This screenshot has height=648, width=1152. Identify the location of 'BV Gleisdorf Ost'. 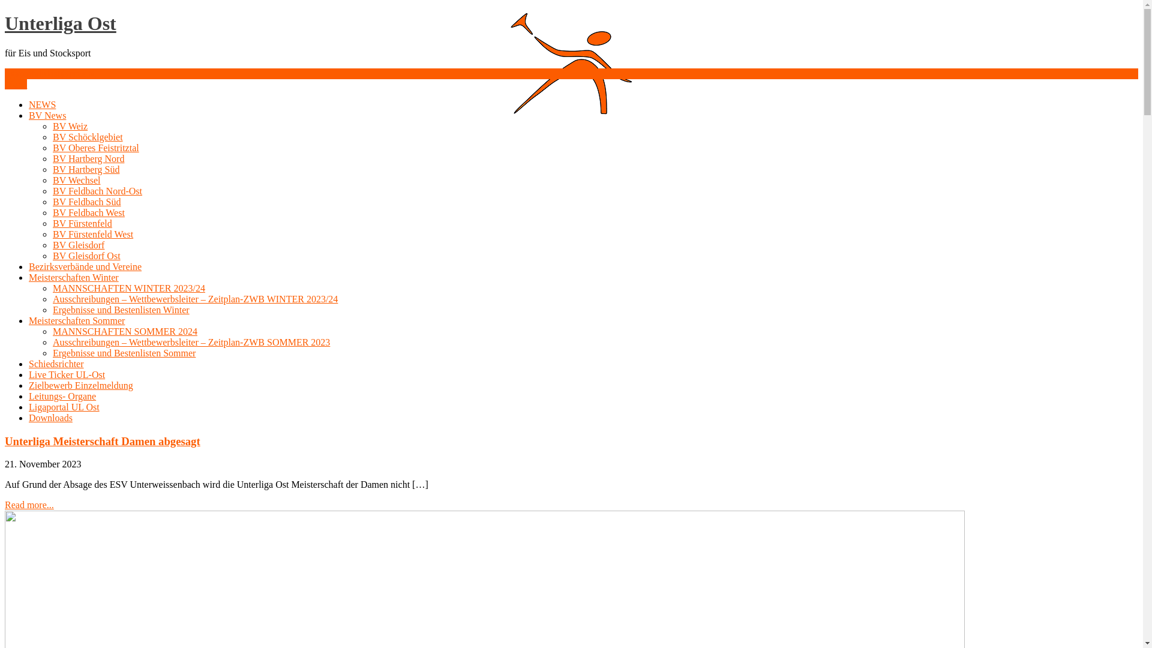
(52, 255).